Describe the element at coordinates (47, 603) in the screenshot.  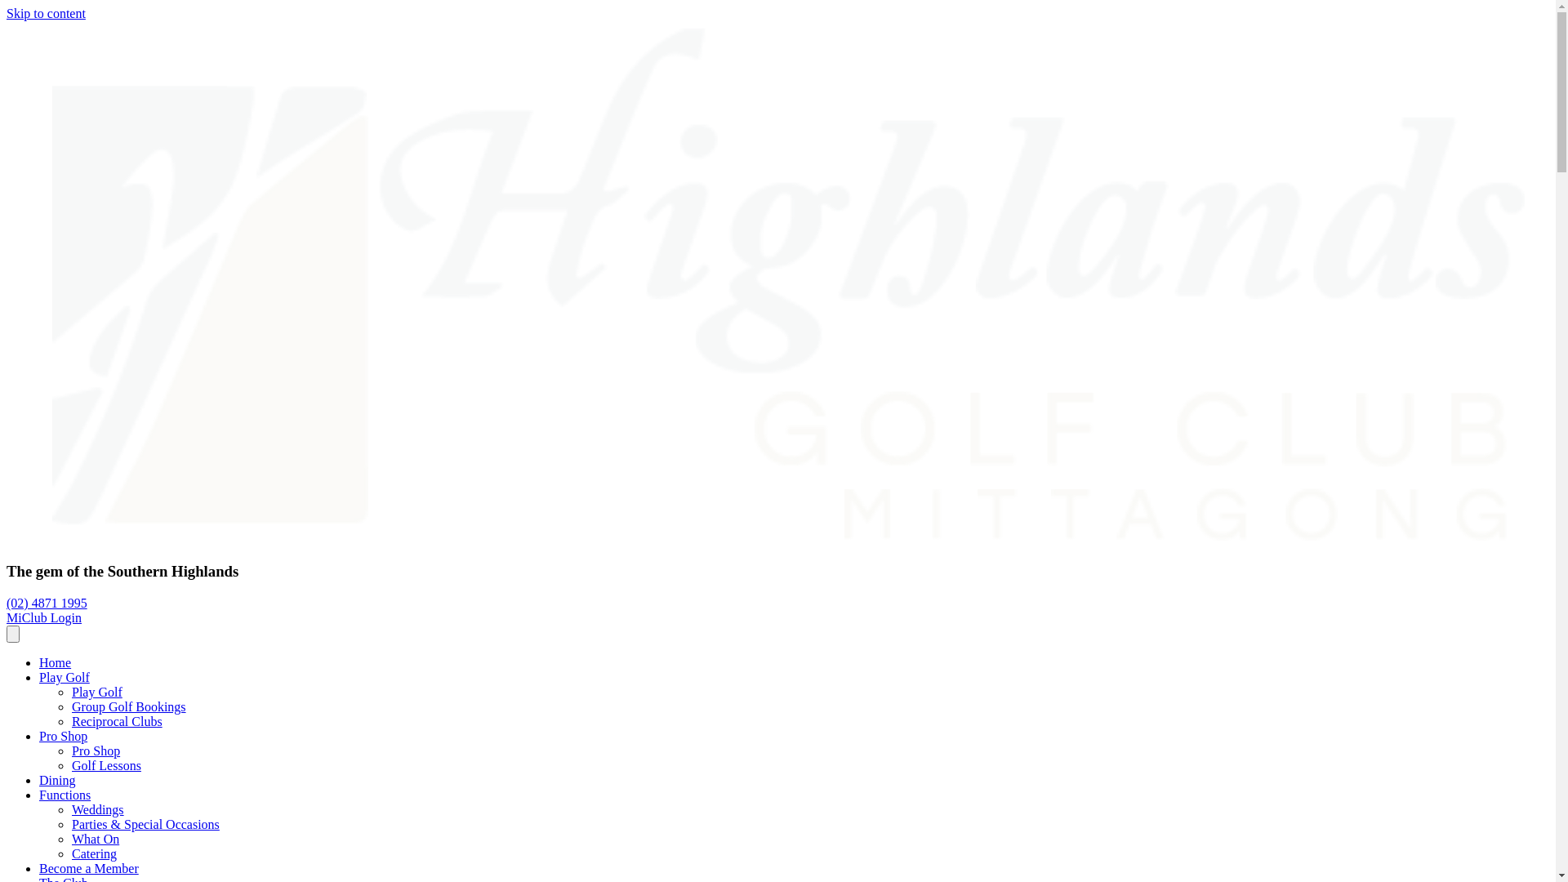
I see `'(02) 4871 1995'` at that location.